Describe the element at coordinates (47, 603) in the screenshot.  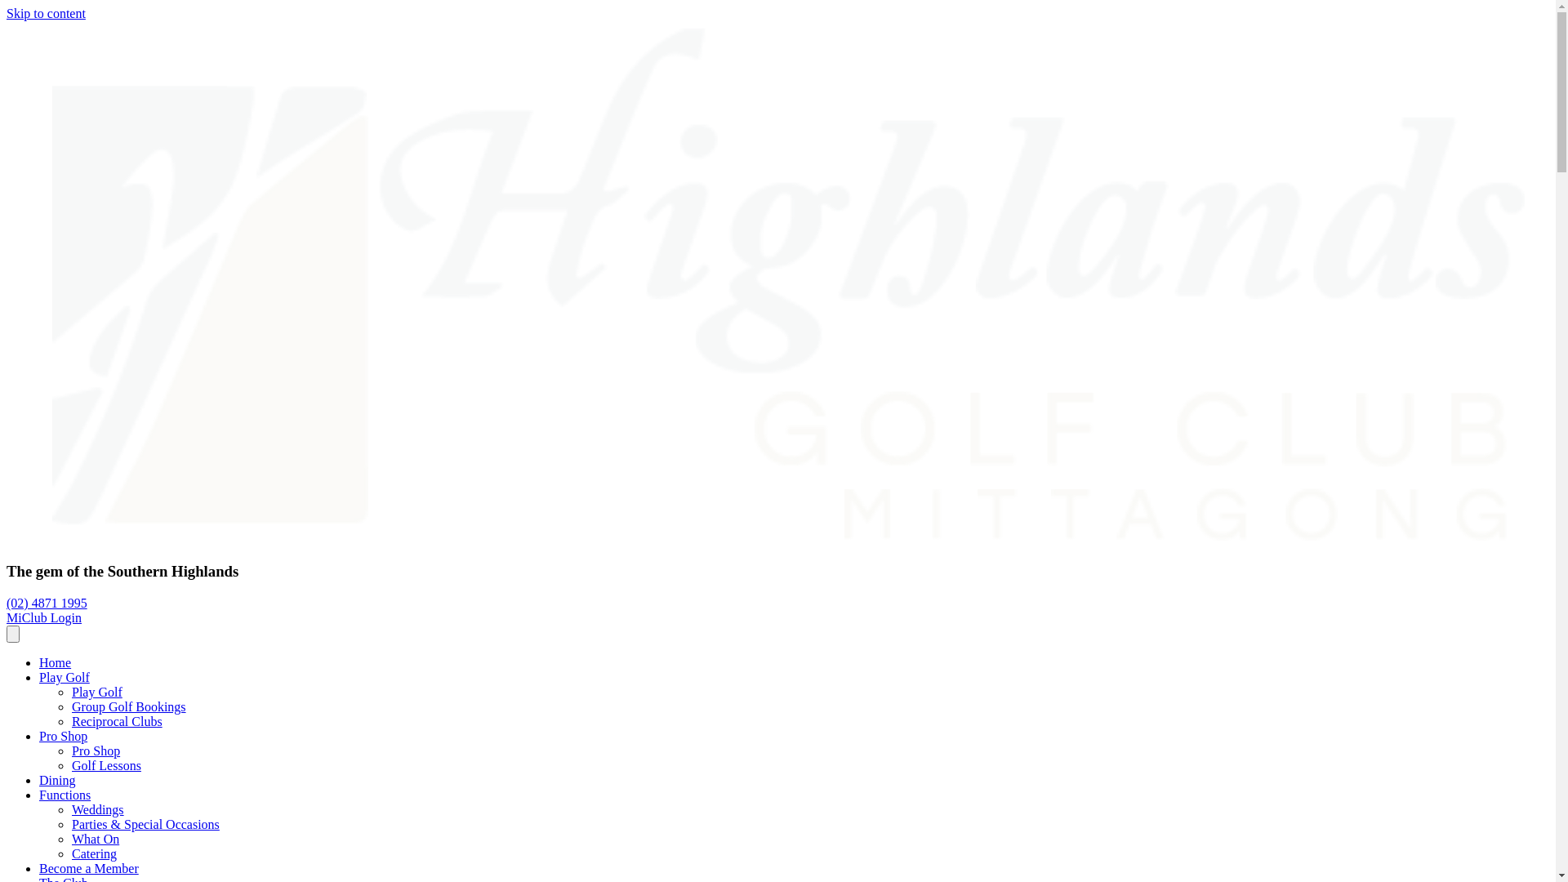
I see `'(02) 4871 1995'` at that location.